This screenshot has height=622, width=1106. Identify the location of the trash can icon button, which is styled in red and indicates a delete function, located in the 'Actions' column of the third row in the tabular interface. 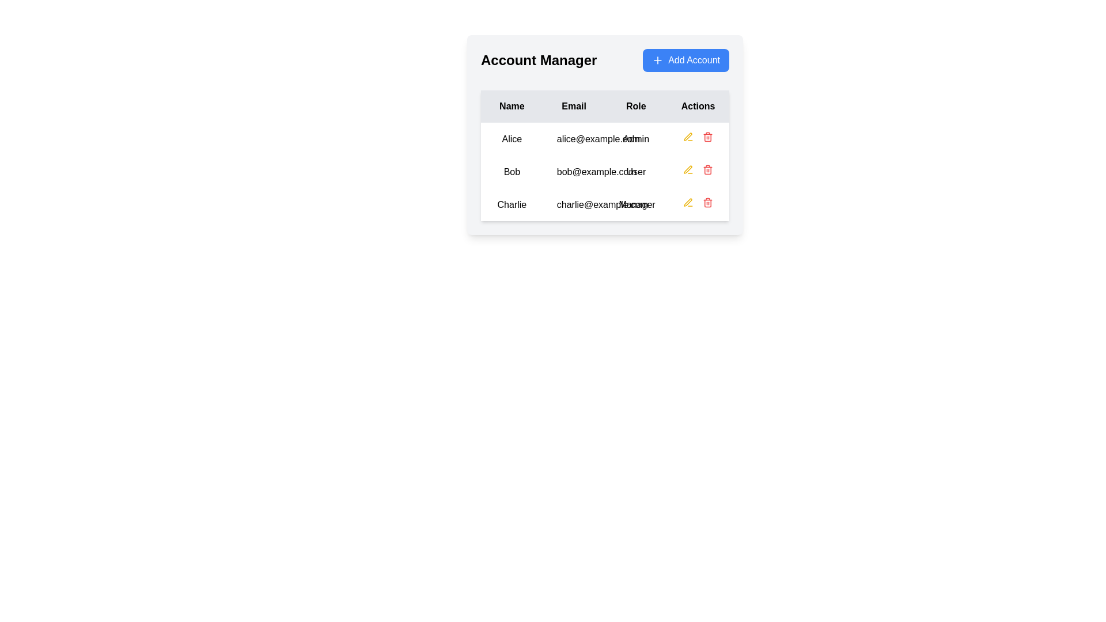
(707, 202).